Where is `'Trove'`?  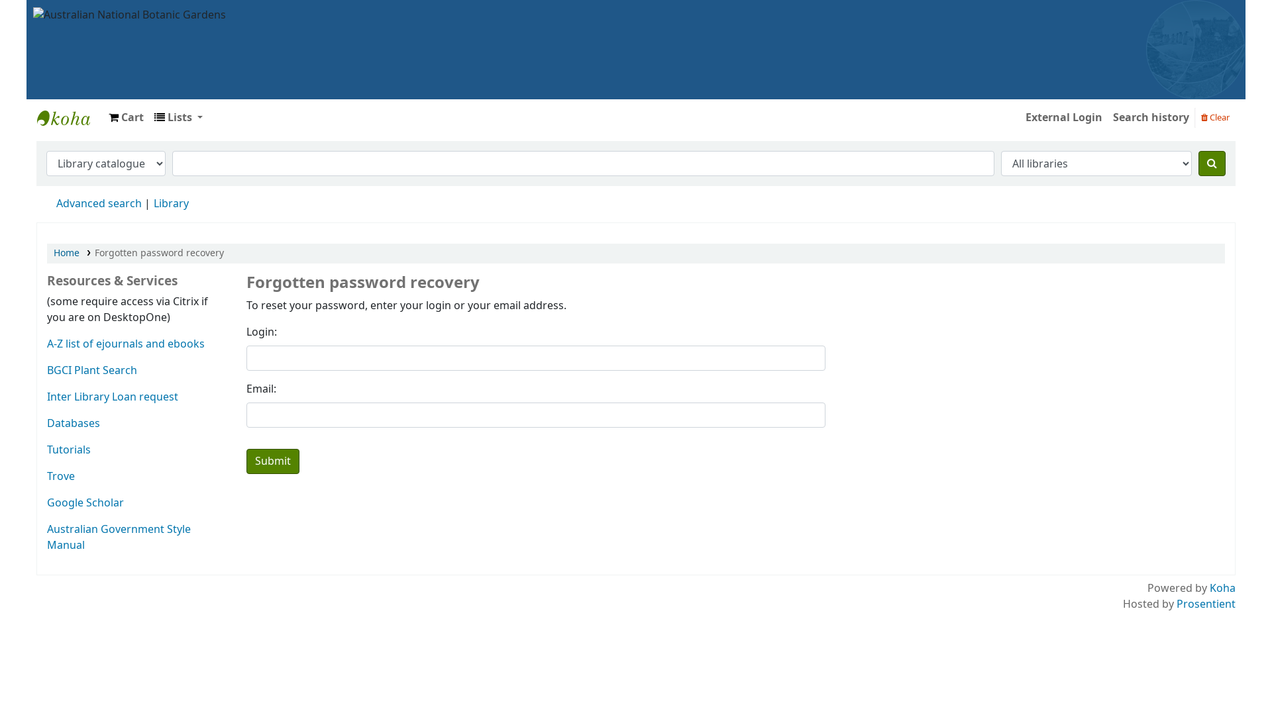 'Trove' is located at coordinates (47, 477).